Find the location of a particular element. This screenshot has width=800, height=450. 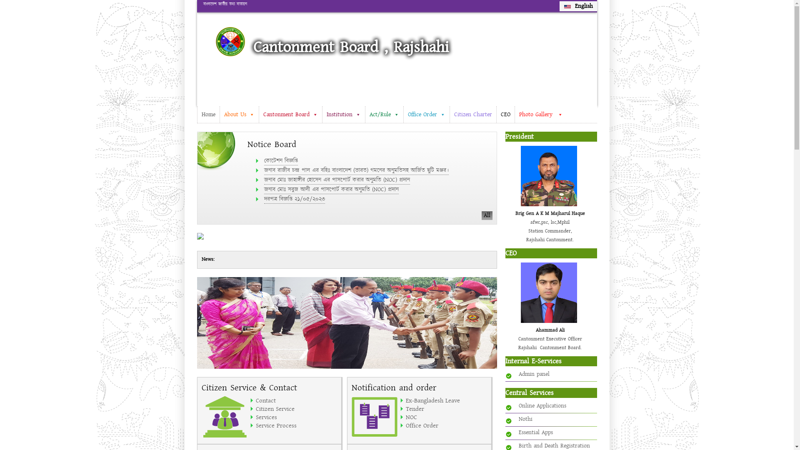

'NOC' is located at coordinates (446, 417).